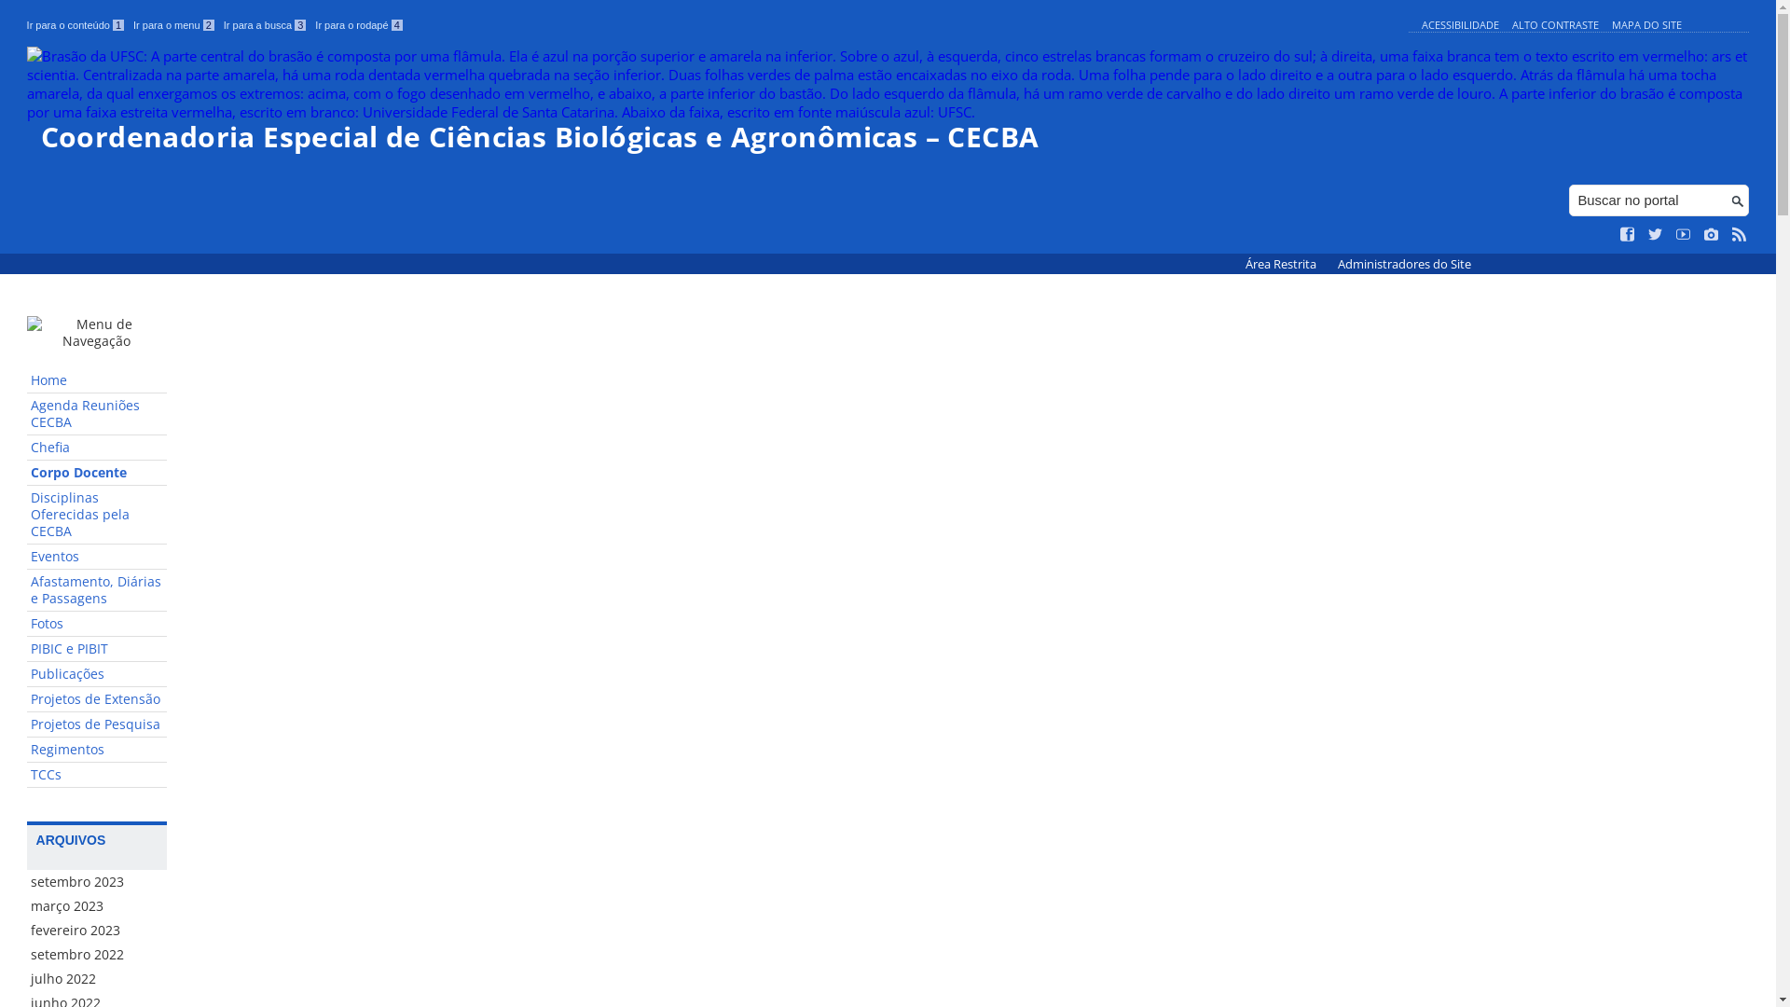 This screenshot has width=1790, height=1007. I want to click on 'ALTO CONTRASTE', so click(1555, 24).